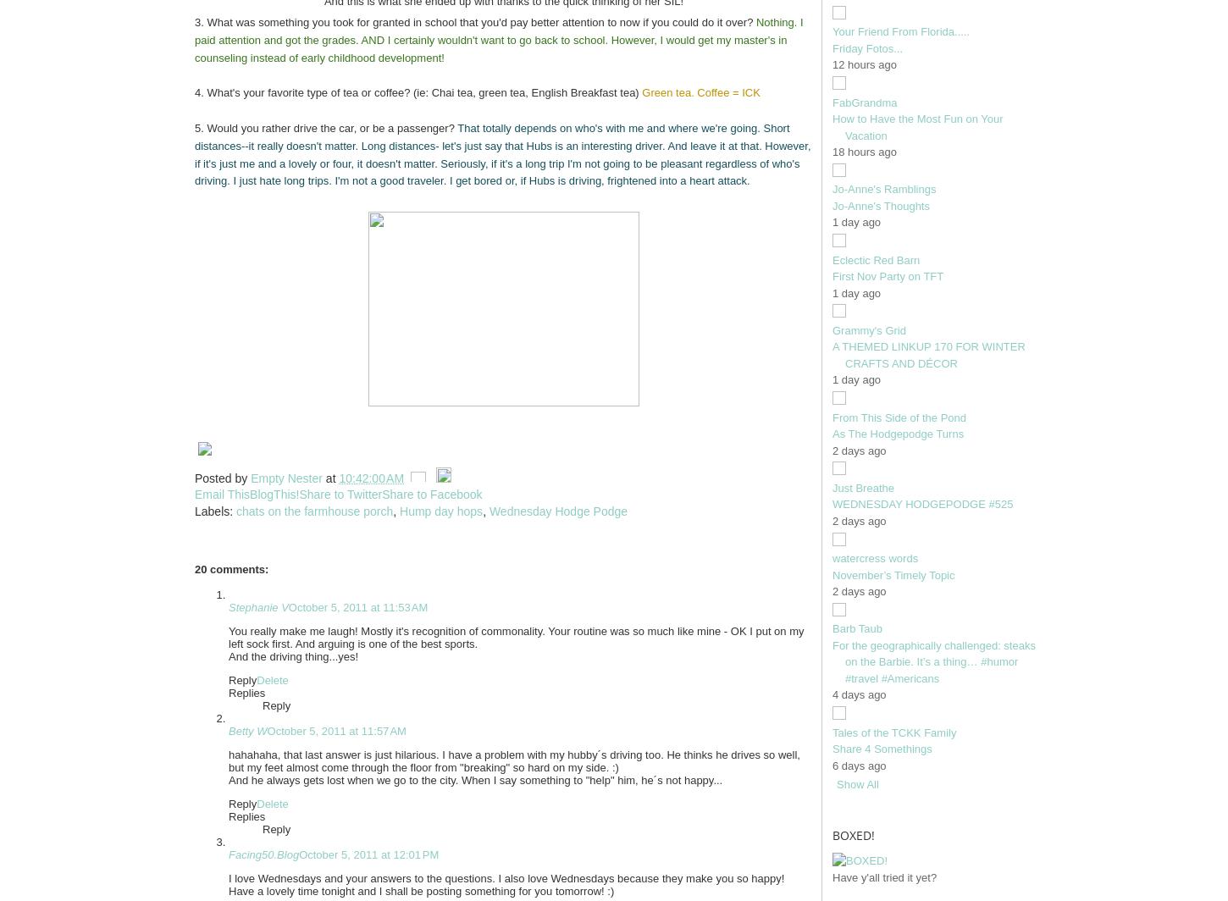 This screenshot has height=901, width=1228. What do you see at coordinates (893, 574) in the screenshot?
I see `'November’s Timely Topic'` at bounding box center [893, 574].